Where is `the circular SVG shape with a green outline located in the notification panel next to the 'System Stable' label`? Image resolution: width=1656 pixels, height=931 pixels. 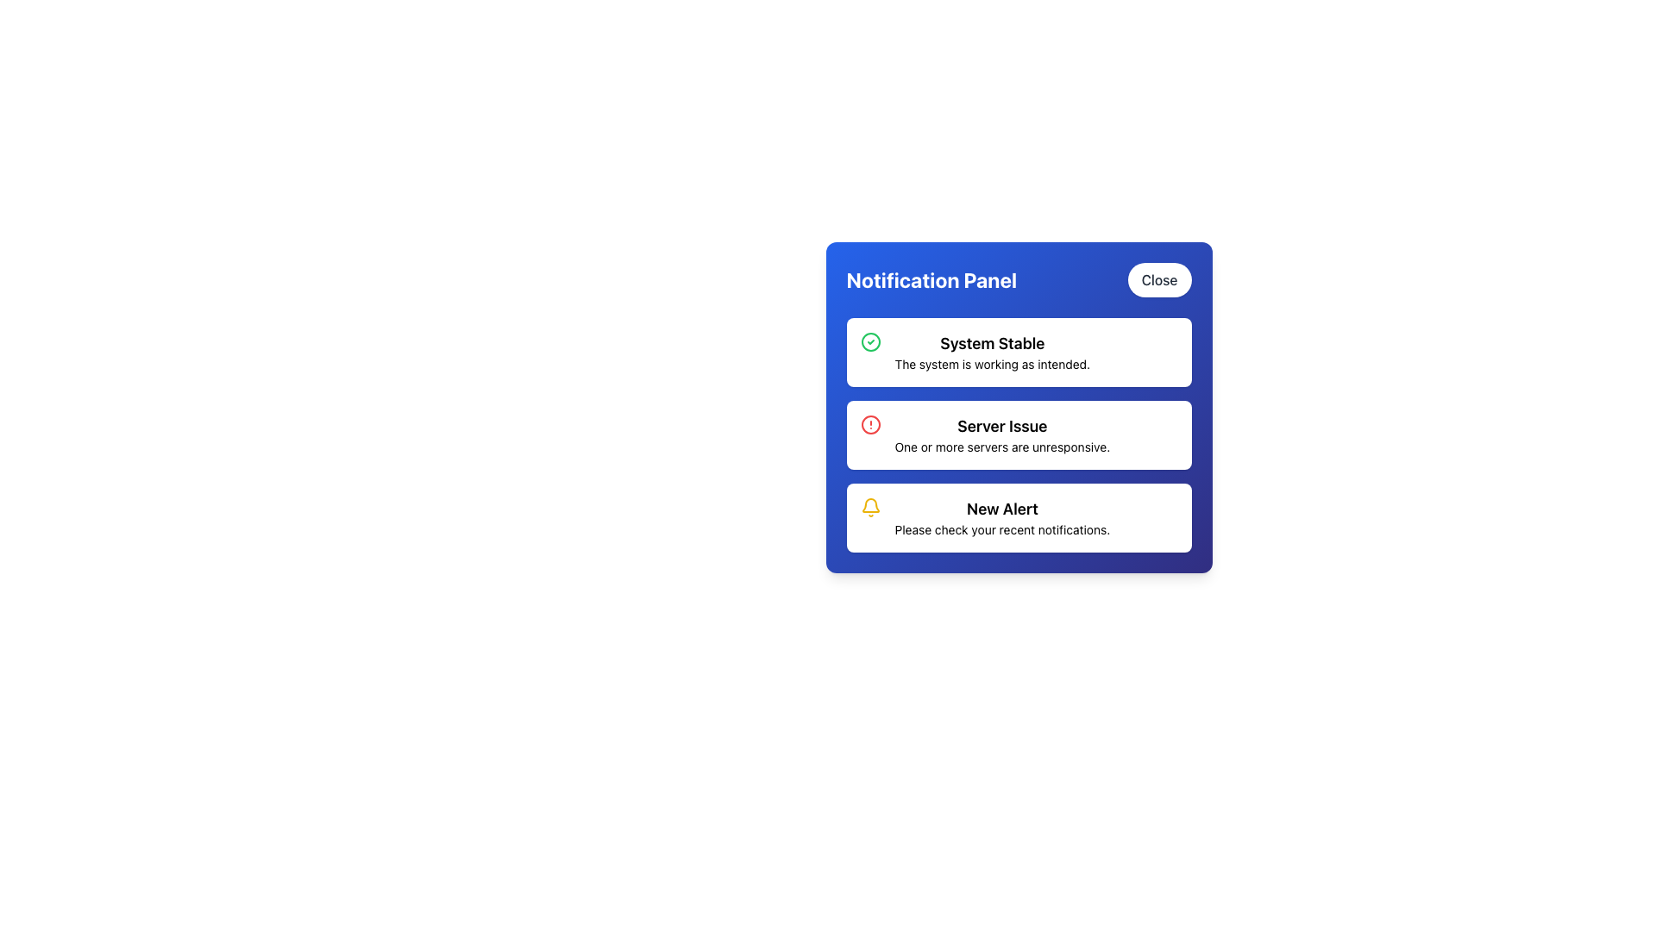
the circular SVG shape with a green outline located in the notification panel next to the 'System Stable' label is located at coordinates (870, 342).